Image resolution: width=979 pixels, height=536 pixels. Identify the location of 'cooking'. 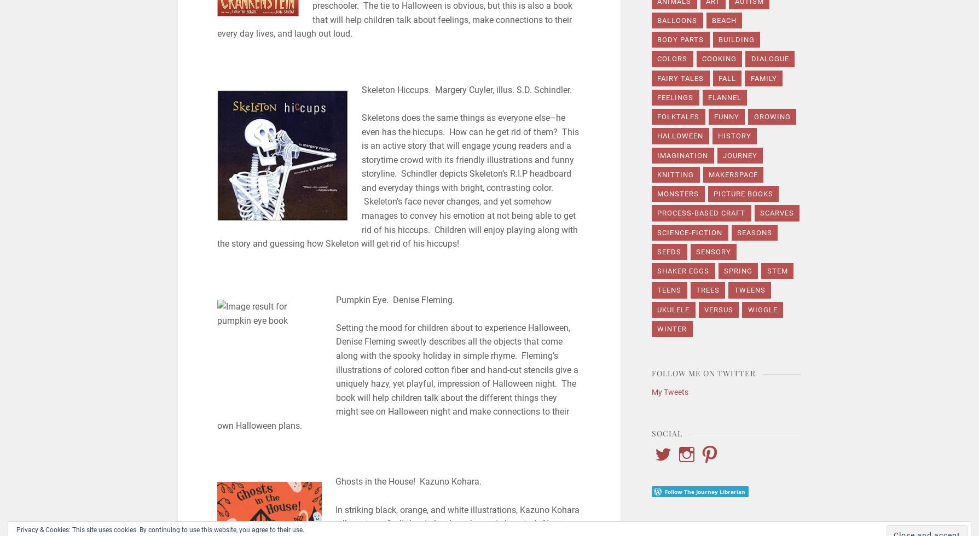
(702, 59).